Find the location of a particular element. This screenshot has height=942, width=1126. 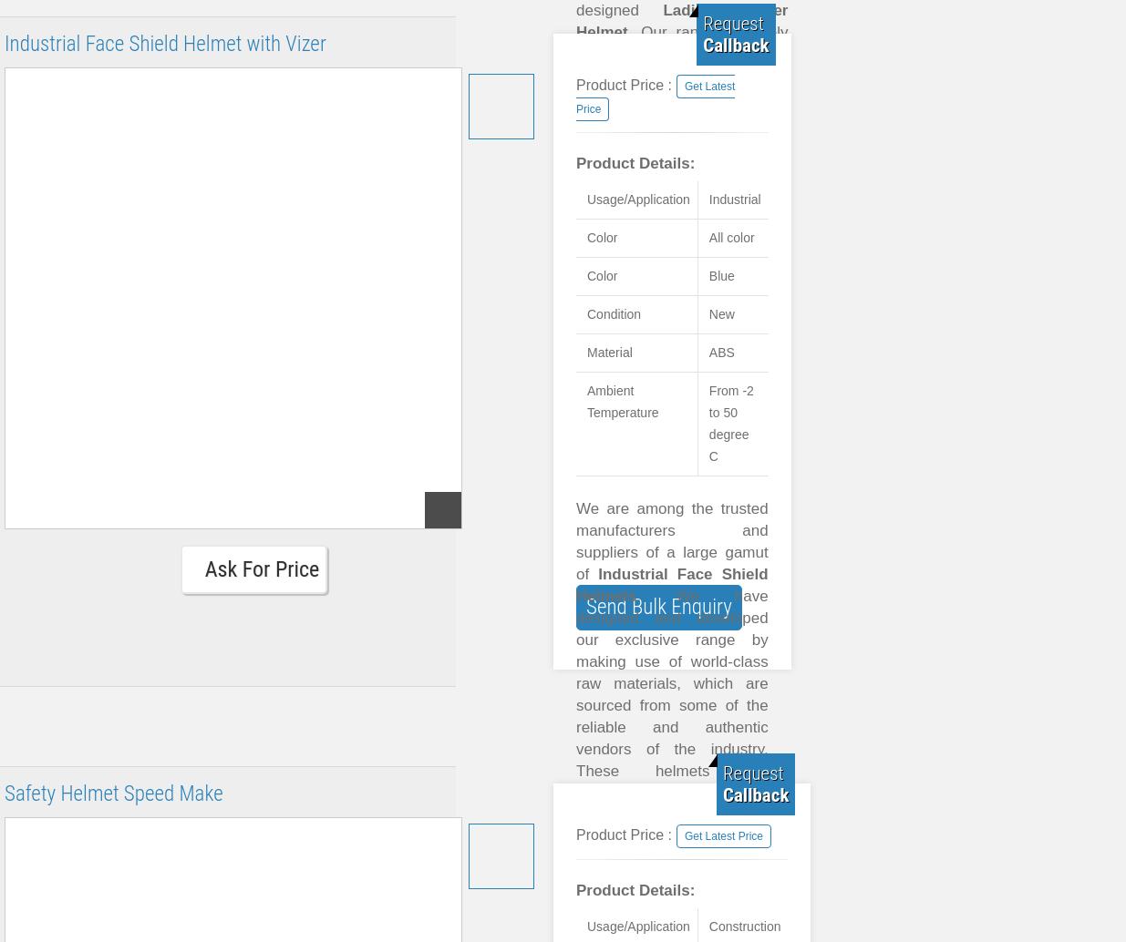

'High strength.' is located at coordinates (649, 403).